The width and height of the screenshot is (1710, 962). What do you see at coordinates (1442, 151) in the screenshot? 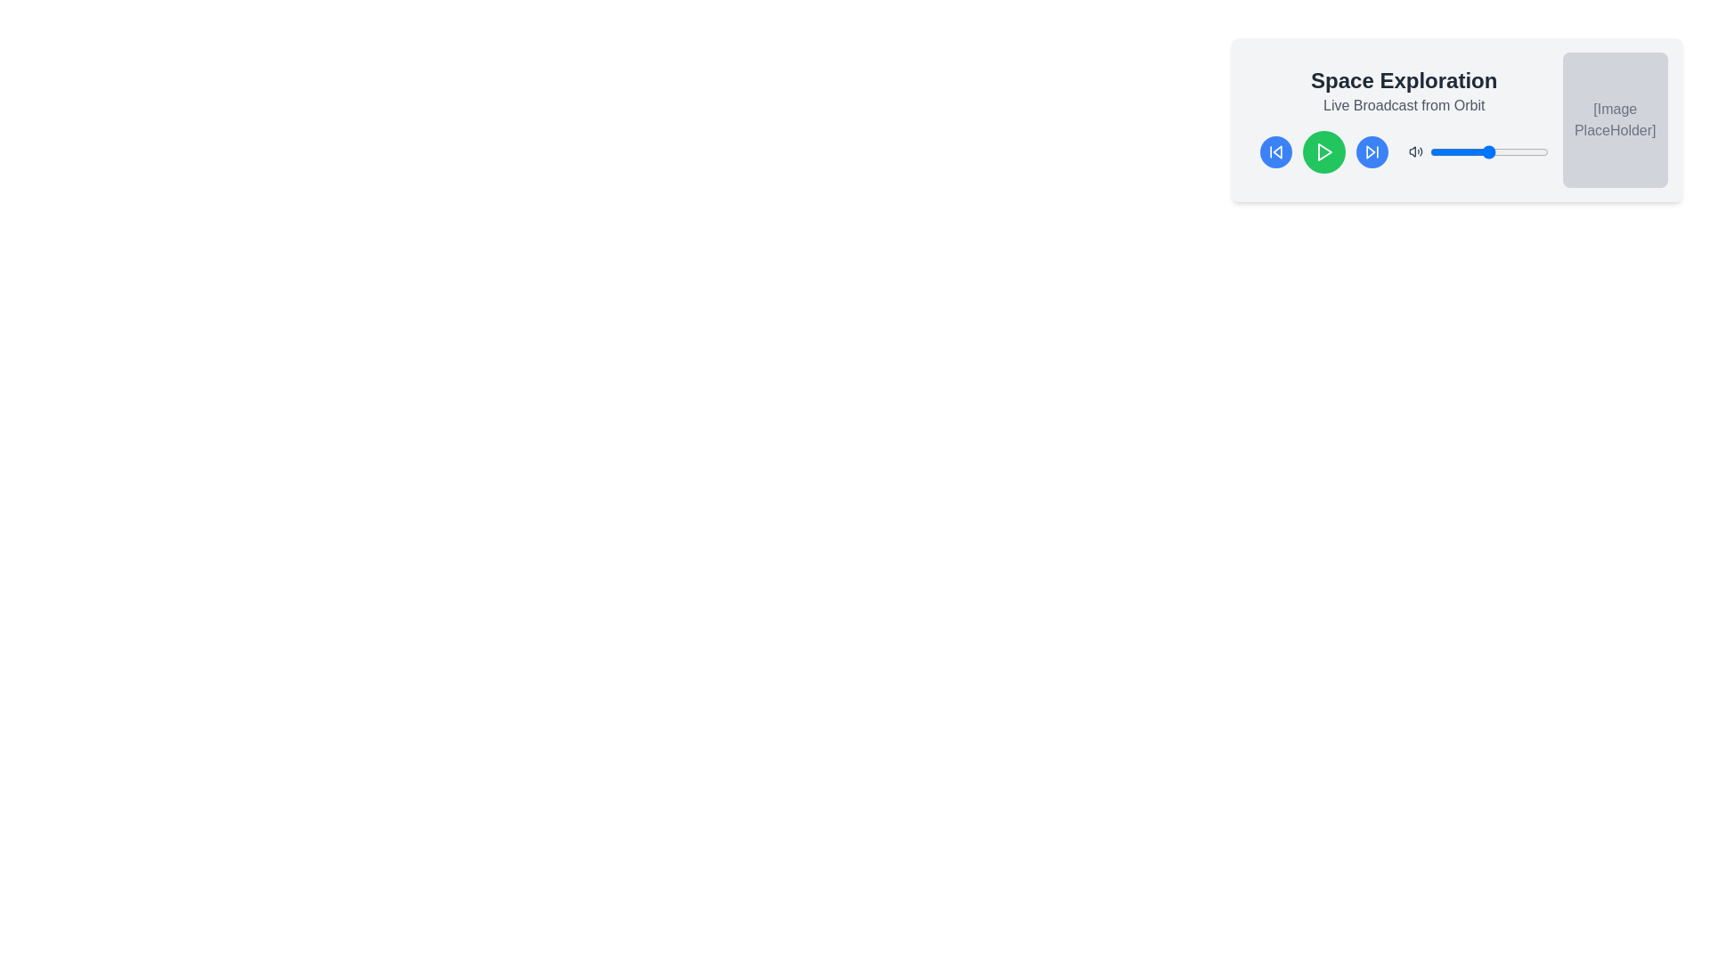
I see `slider value` at bounding box center [1442, 151].